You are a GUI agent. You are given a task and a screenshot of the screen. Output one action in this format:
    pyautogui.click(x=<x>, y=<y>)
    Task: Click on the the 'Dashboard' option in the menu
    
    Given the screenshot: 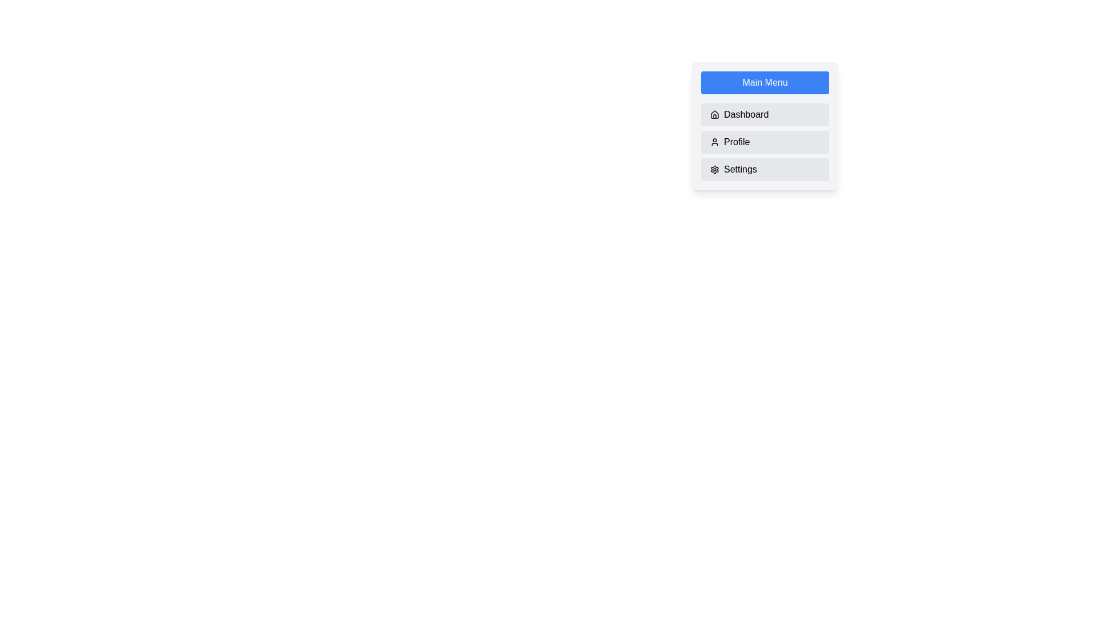 What is the action you would take?
    pyautogui.click(x=765, y=114)
    